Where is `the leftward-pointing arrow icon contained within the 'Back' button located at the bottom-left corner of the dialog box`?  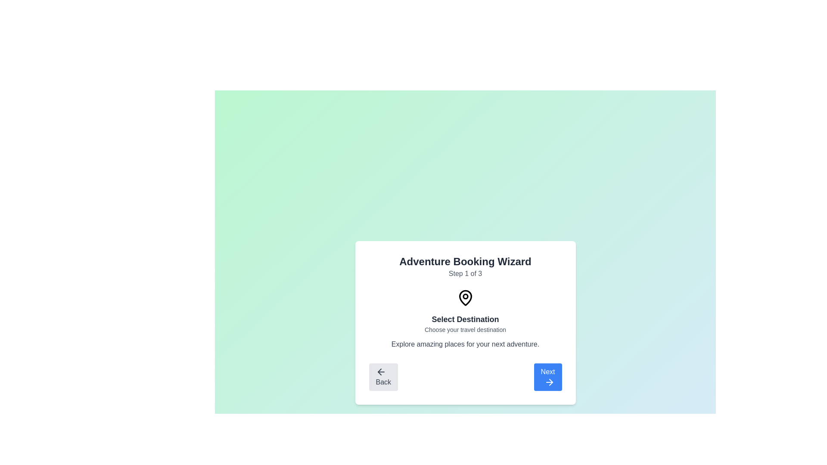
the leftward-pointing arrow icon contained within the 'Back' button located at the bottom-left corner of the dialog box is located at coordinates (379, 372).